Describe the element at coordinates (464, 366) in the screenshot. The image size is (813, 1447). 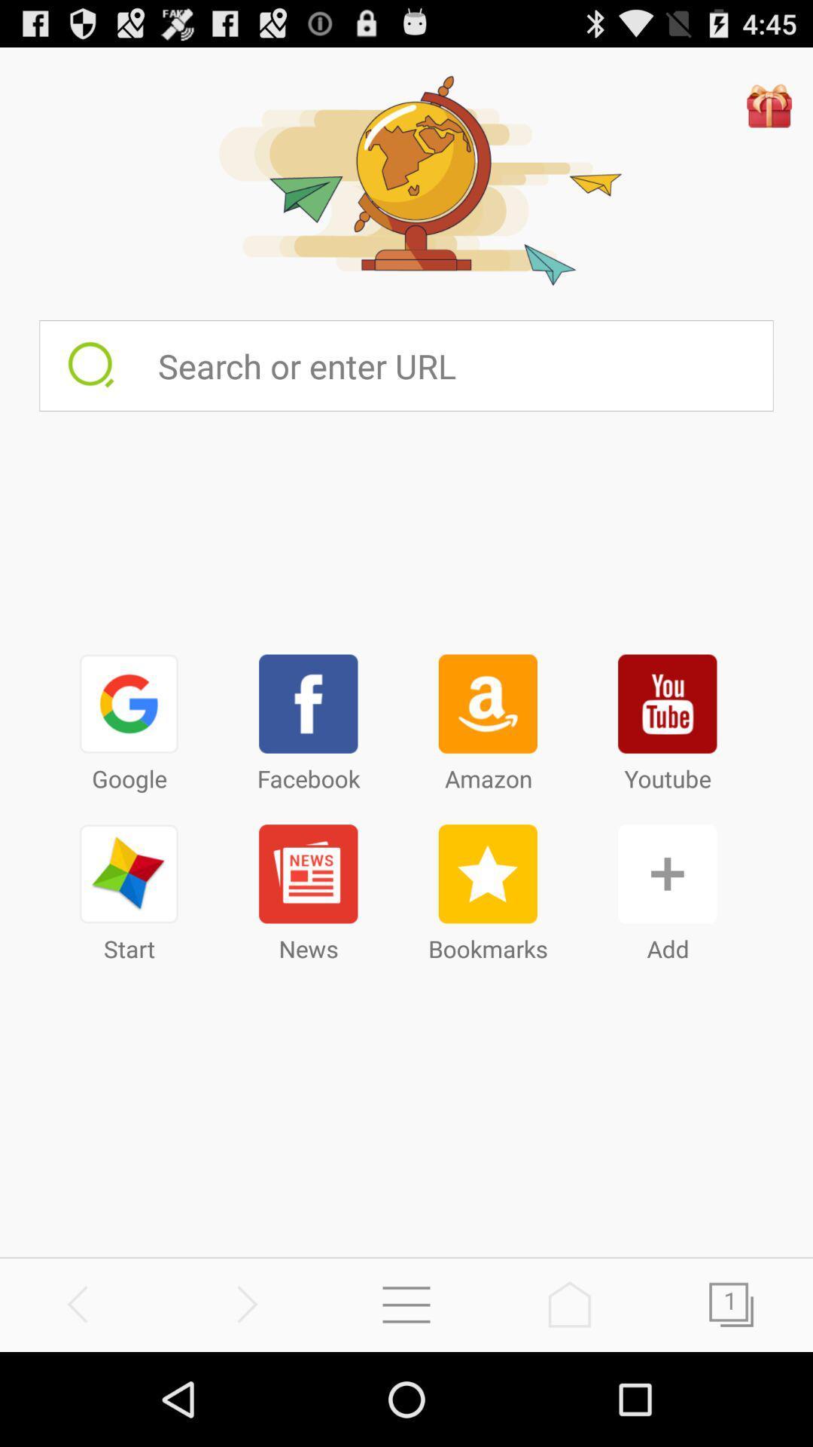
I see `look for a website` at that location.